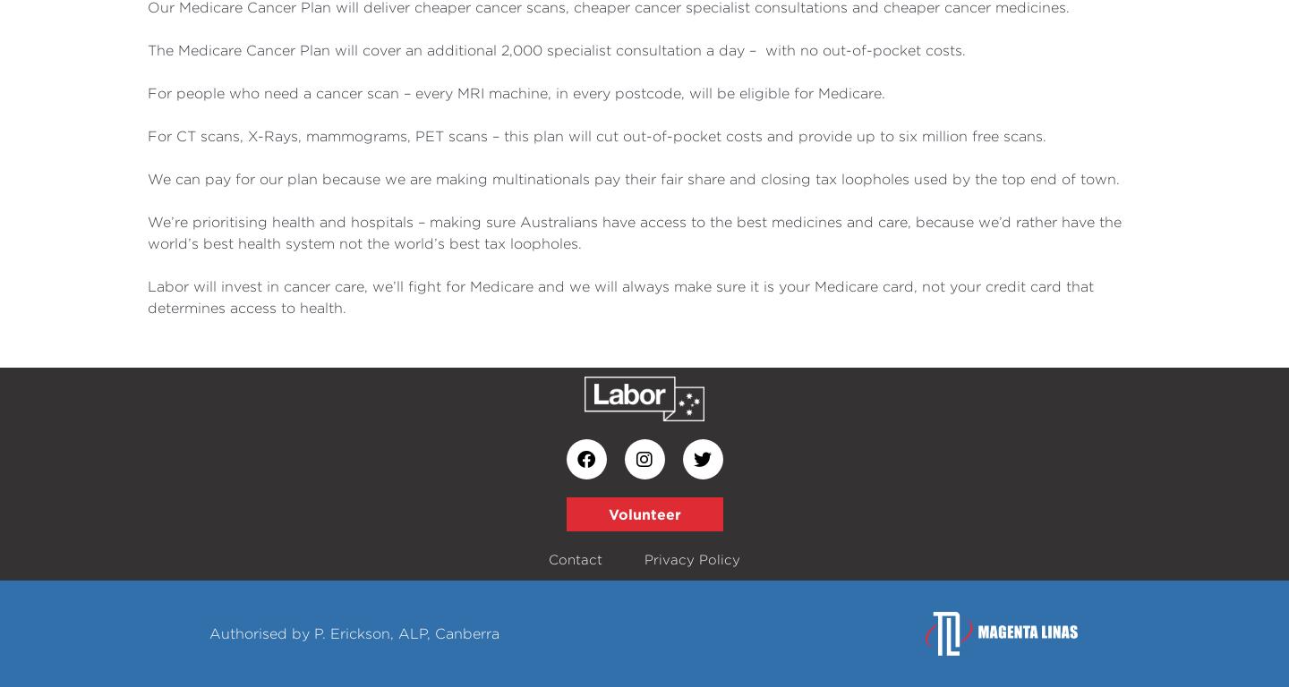 The width and height of the screenshot is (1289, 687). Describe the element at coordinates (635, 231) in the screenshot. I see `'We’re prioritising health and hospitals – making sure Australians have access to the best medicines and care, because we’d rather have the world’s best health system not the world’s best tax loopholes.'` at that location.